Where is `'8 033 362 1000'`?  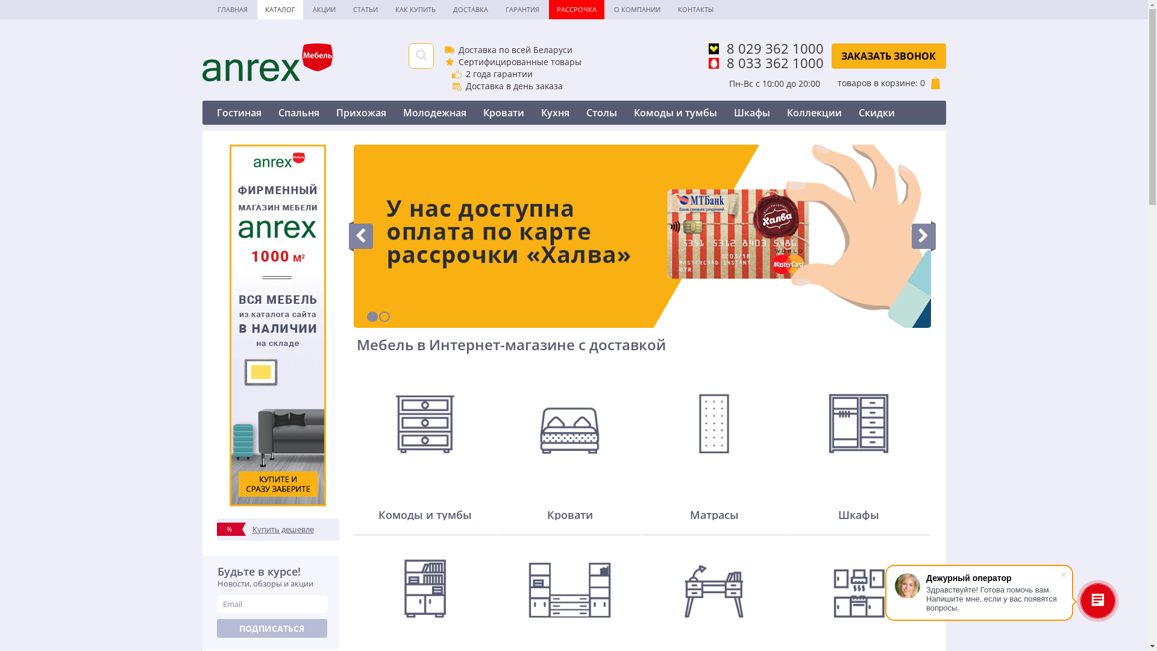 '8 033 362 1000' is located at coordinates (765, 63).